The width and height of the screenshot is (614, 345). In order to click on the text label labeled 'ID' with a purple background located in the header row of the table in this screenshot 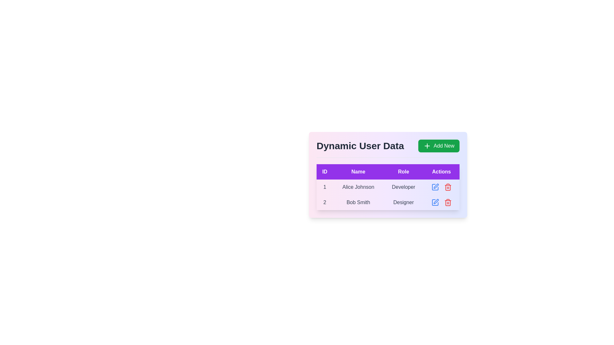, I will do `click(325, 171)`.